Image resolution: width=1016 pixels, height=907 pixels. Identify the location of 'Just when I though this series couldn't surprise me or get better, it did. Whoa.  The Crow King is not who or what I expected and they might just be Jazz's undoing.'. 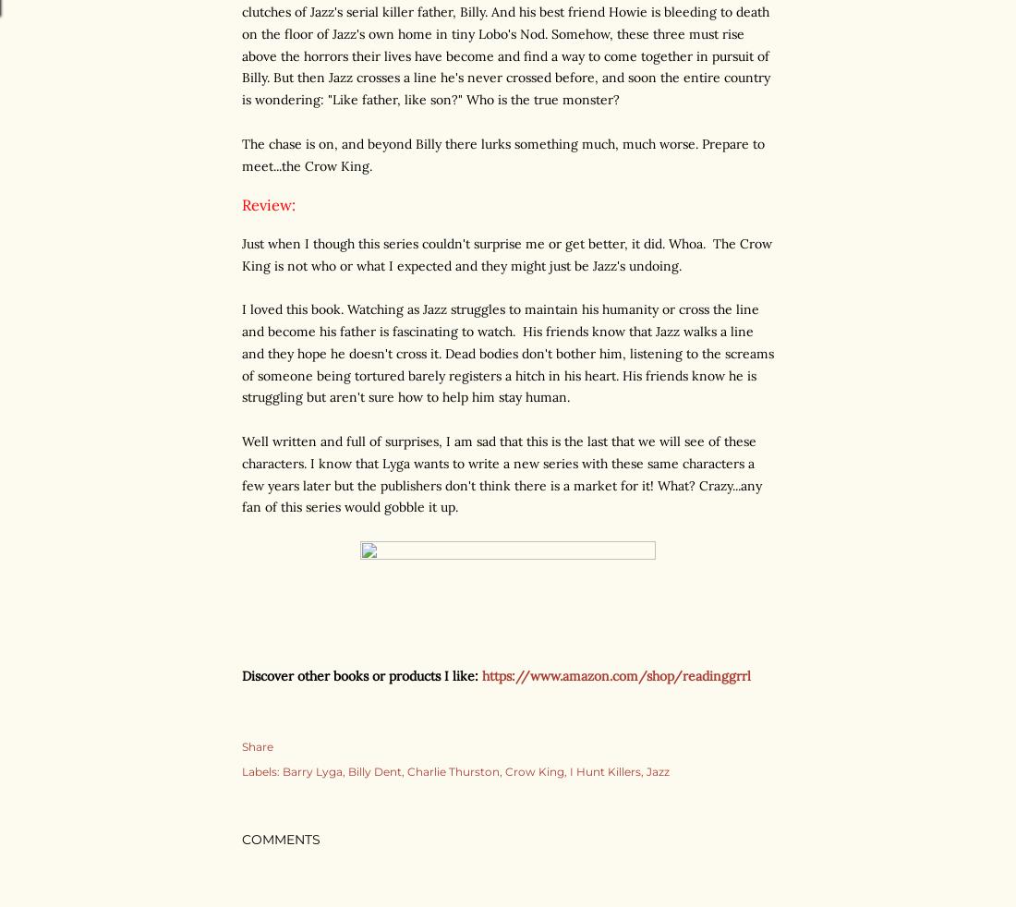
(507, 253).